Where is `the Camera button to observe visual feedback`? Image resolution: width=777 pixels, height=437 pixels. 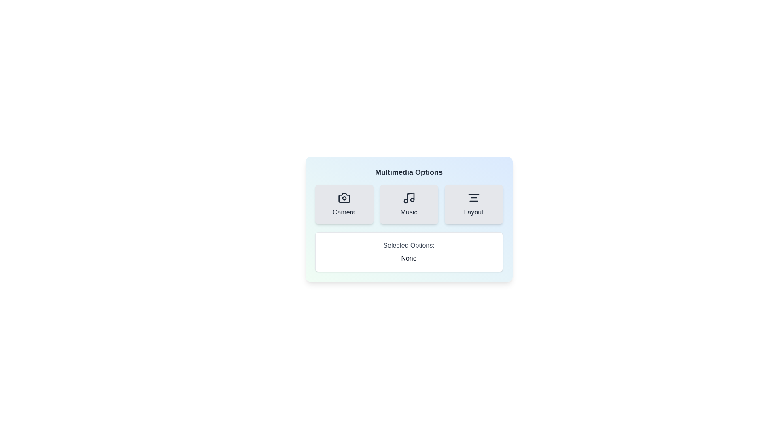
the Camera button to observe visual feedback is located at coordinates (344, 204).